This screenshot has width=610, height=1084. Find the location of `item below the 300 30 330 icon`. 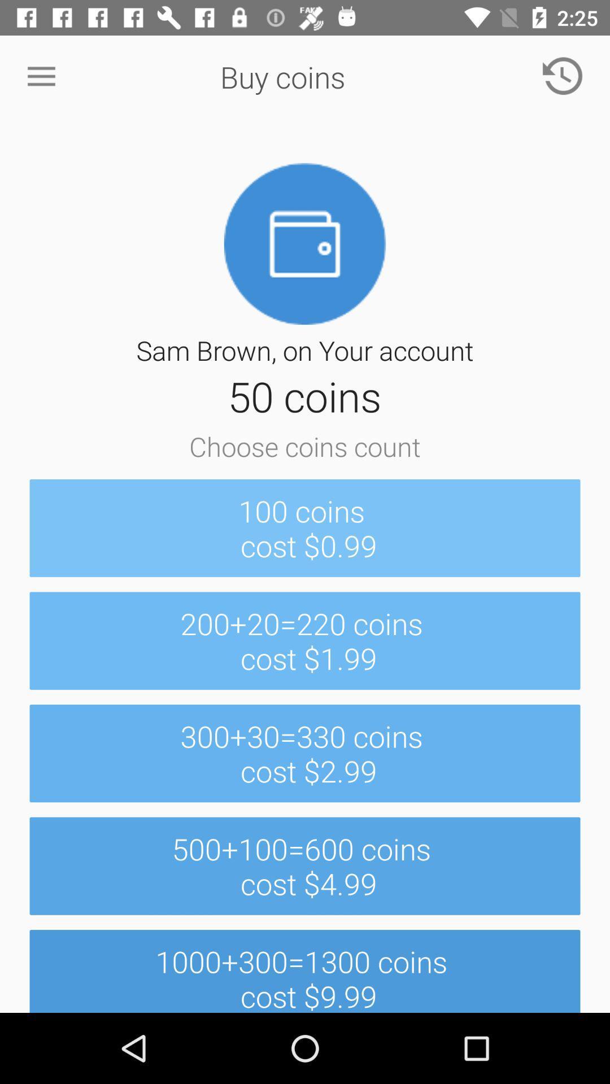

item below the 300 30 330 icon is located at coordinates (305, 866).